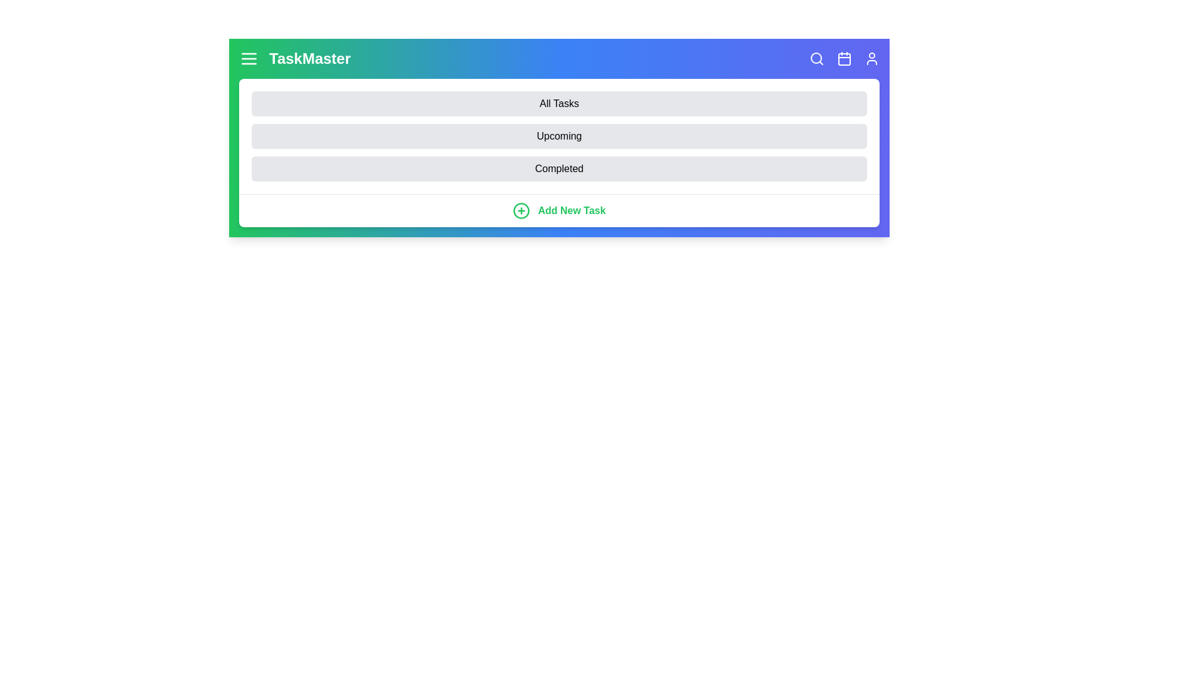  Describe the element at coordinates (249, 58) in the screenshot. I see `the menu icon to toggle the navigation menu` at that location.